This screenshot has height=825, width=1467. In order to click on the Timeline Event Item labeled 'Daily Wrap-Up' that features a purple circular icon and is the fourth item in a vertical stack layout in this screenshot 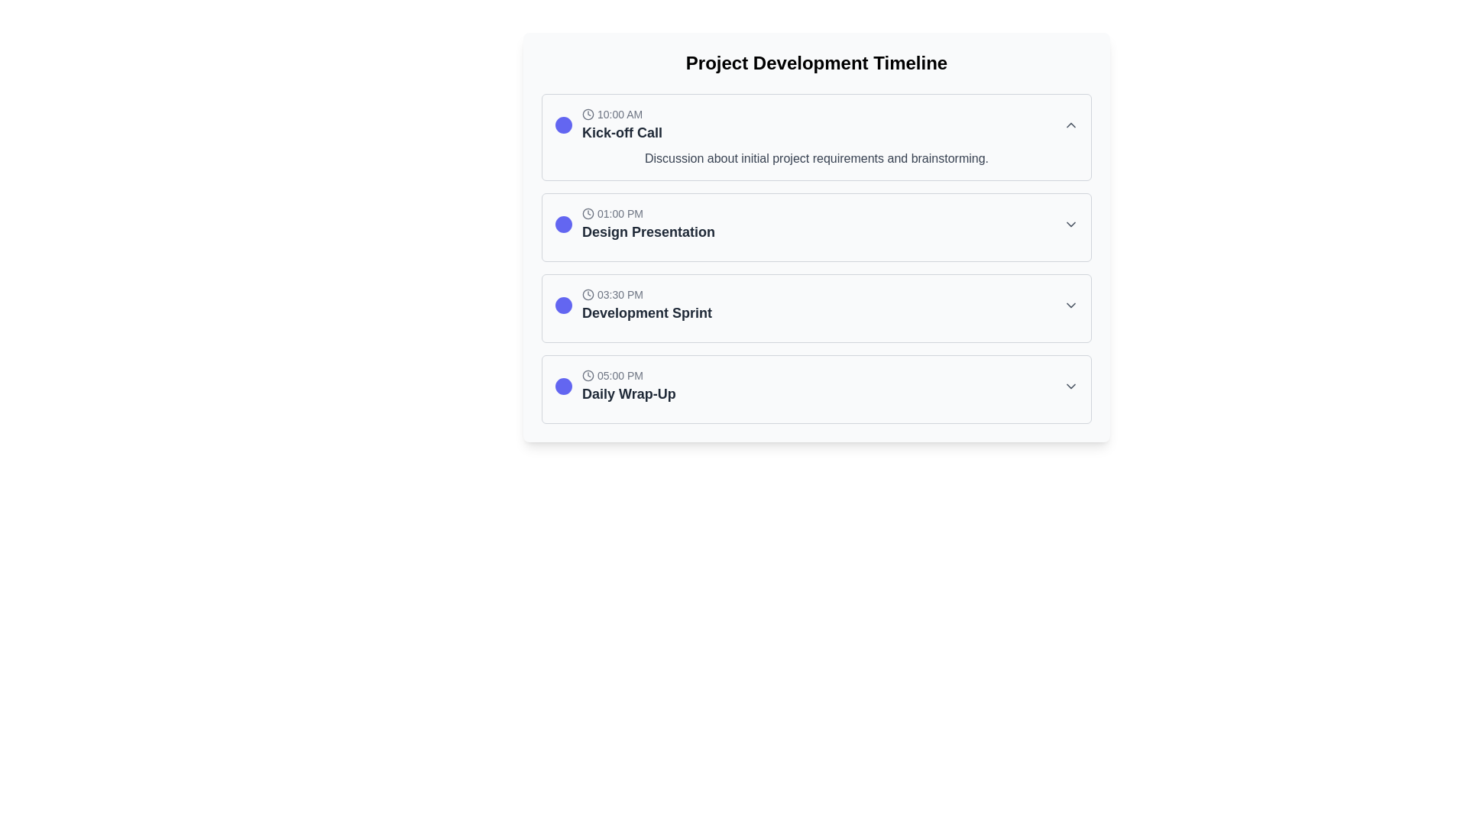, I will do `click(615, 385)`.